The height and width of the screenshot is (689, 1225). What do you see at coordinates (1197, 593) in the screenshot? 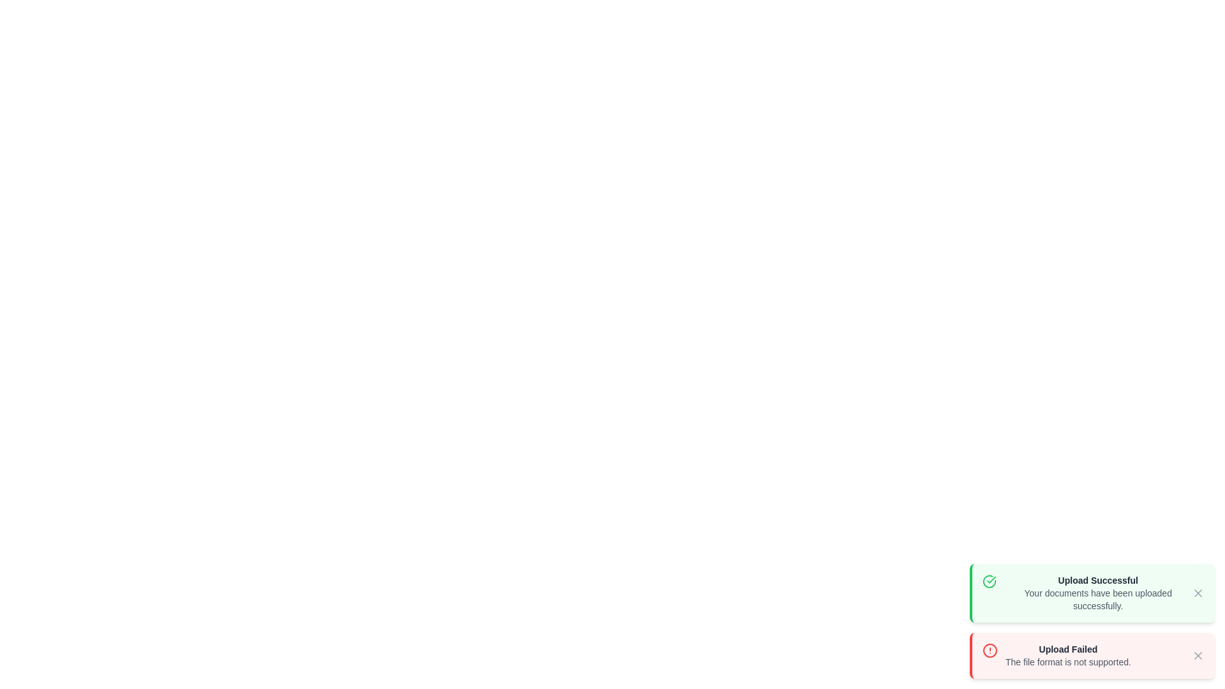
I see `close button of the notification with title Upload Successful` at bounding box center [1197, 593].